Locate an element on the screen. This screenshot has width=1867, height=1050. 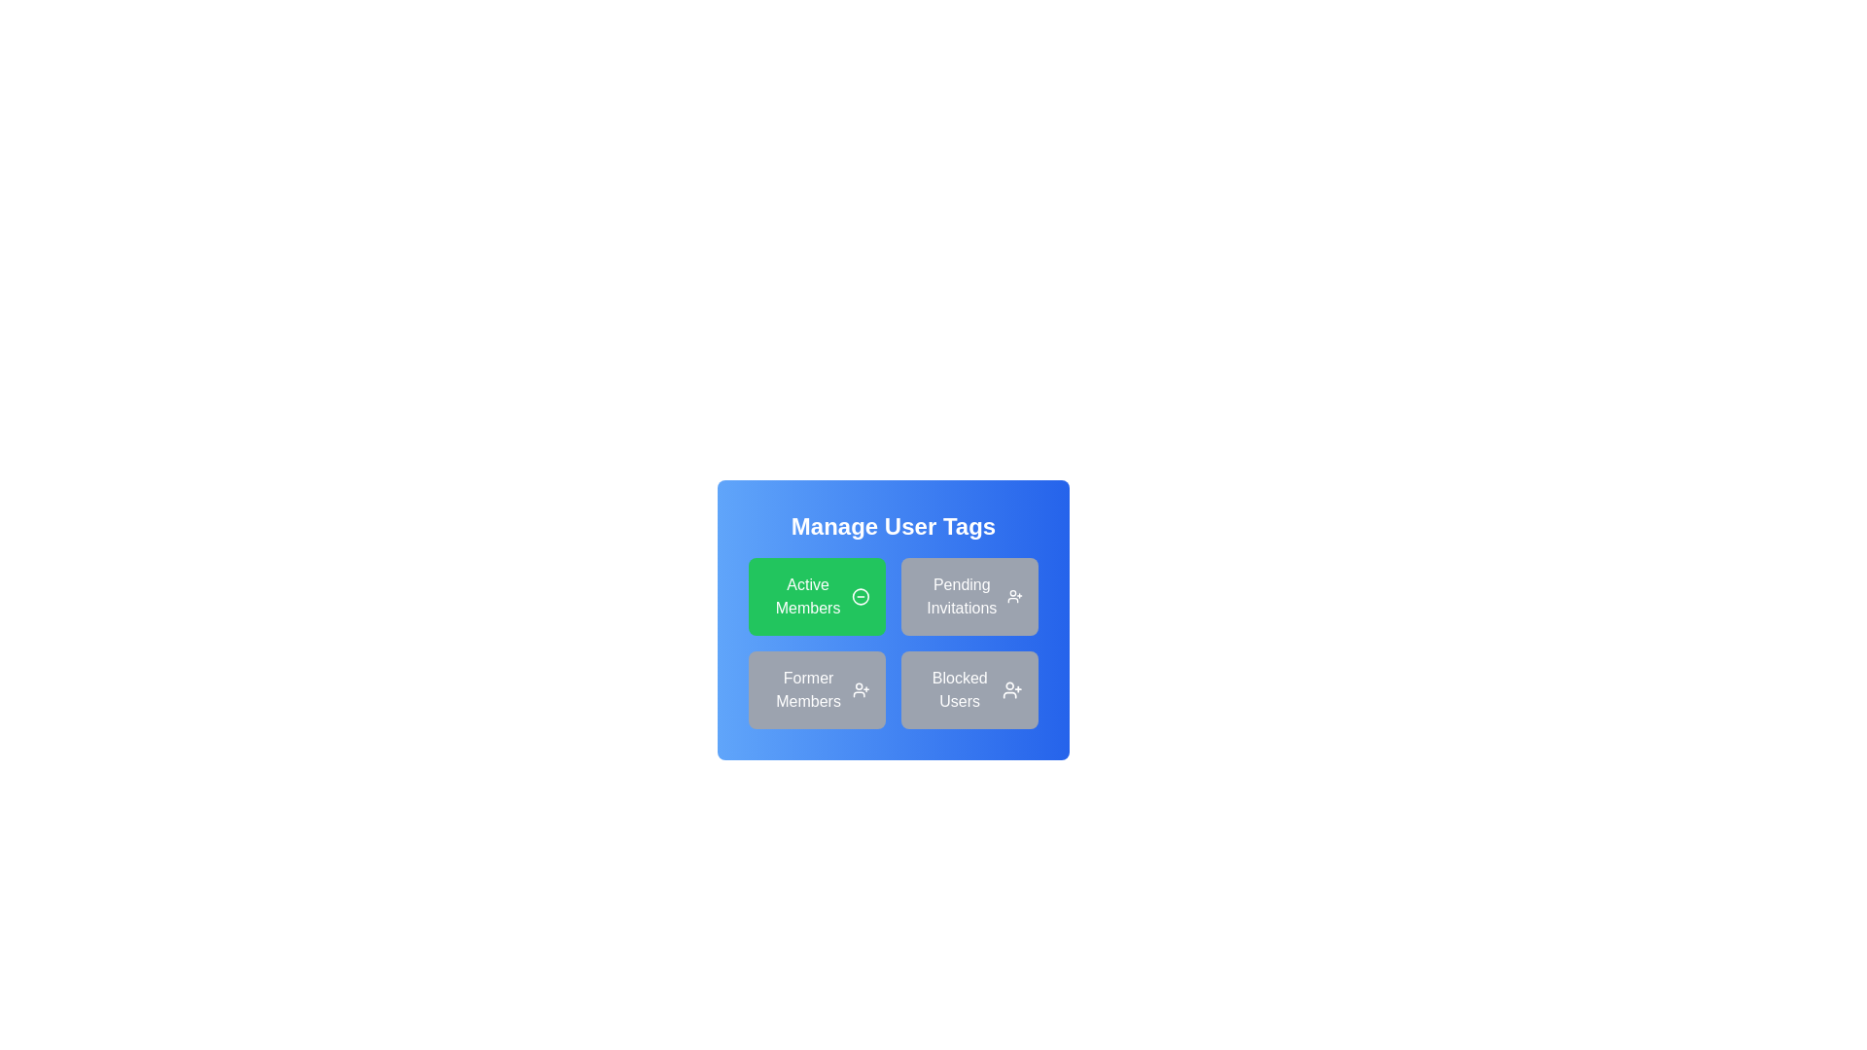
the button surrounding the 'Blocked Users' label, which is styled with a bold font and is located in the bottom-right position of the 2x2 grid under 'Manage User Tags' is located at coordinates (960, 688).